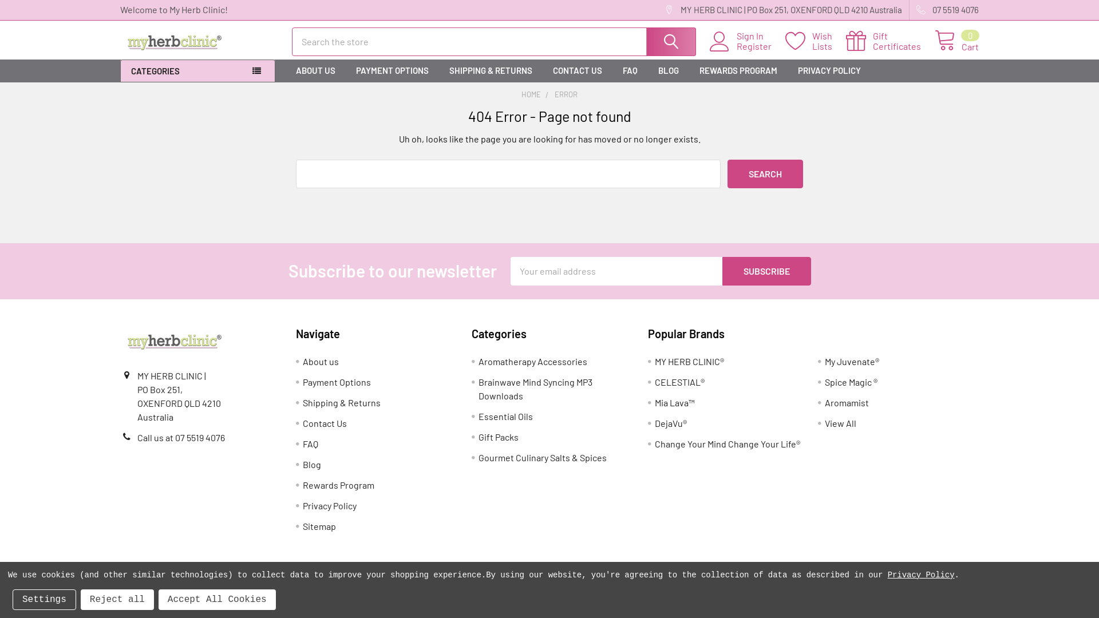  What do you see at coordinates (847, 402) in the screenshot?
I see `'Aromamist'` at bounding box center [847, 402].